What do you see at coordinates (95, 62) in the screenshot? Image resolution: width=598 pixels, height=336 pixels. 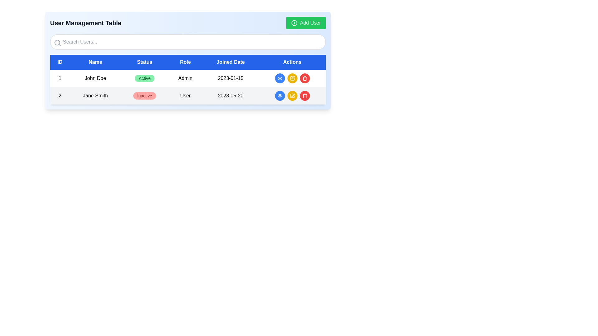 I see `the text label displaying 'Name' in white on a blue background, which is the second column header in a row of labels in a data table` at bounding box center [95, 62].